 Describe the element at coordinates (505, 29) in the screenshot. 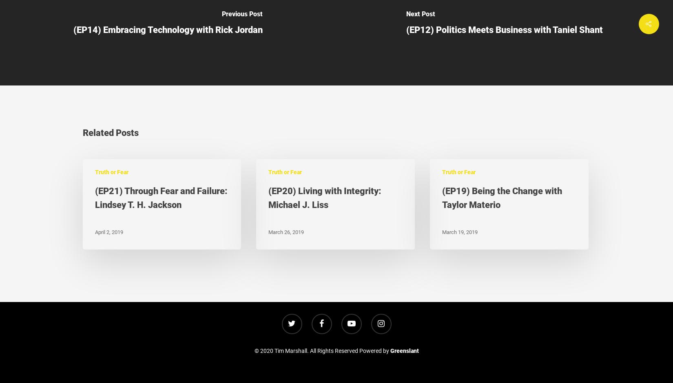

I see `'(EP12) Politics Meets Business with Taniel Shant'` at that location.